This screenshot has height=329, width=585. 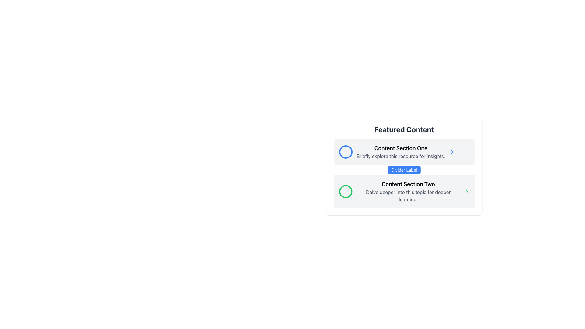 What do you see at coordinates (401, 148) in the screenshot?
I see `text content of the bold text label displaying 'Content Section One', located at the top of the information card` at bounding box center [401, 148].